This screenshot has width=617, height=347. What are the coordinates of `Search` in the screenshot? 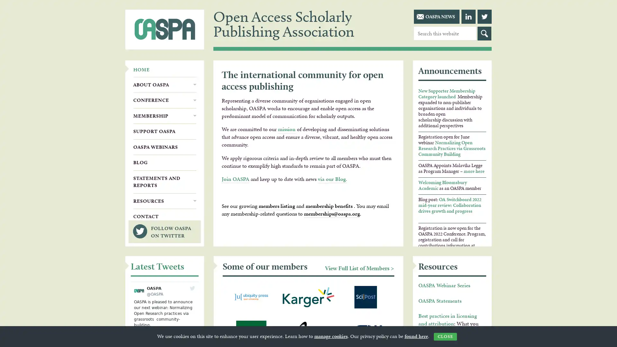 It's located at (484, 33).